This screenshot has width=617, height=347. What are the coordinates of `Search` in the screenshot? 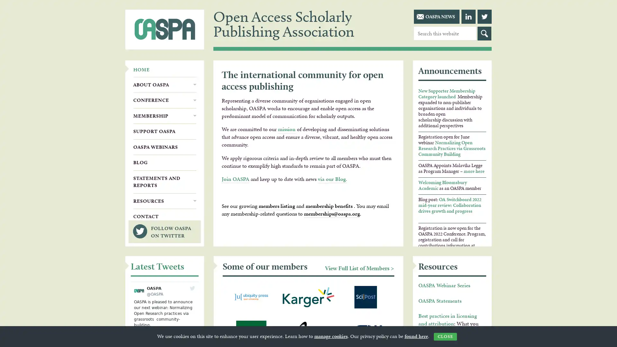 It's located at (484, 33).